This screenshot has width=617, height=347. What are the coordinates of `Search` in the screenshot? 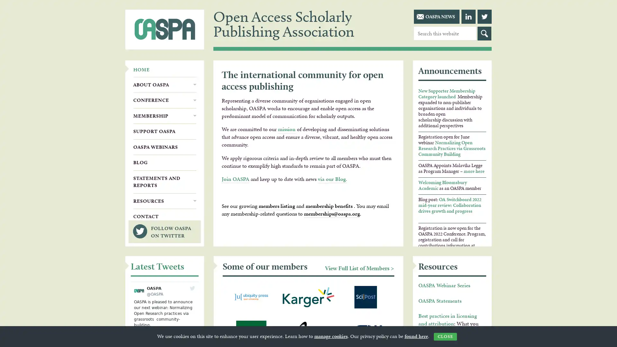 It's located at (484, 33).